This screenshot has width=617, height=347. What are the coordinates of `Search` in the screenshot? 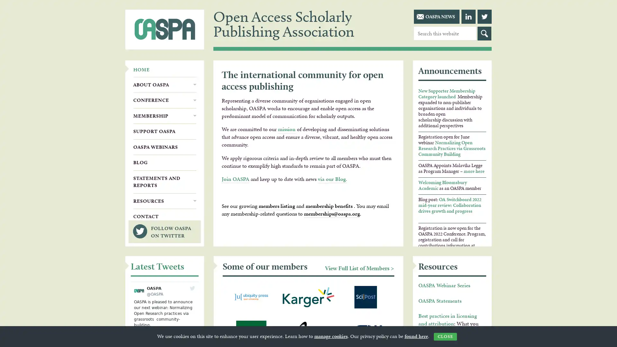 It's located at (484, 33).